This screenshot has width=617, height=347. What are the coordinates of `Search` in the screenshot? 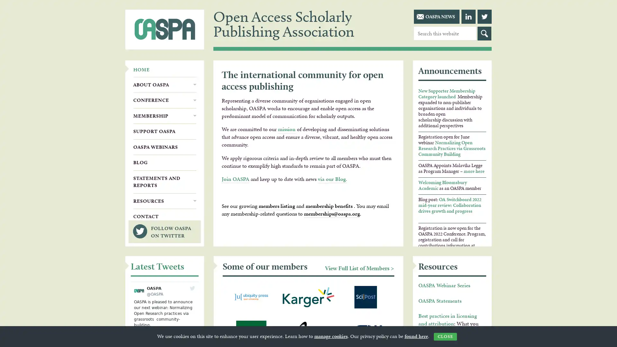 It's located at (484, 33).